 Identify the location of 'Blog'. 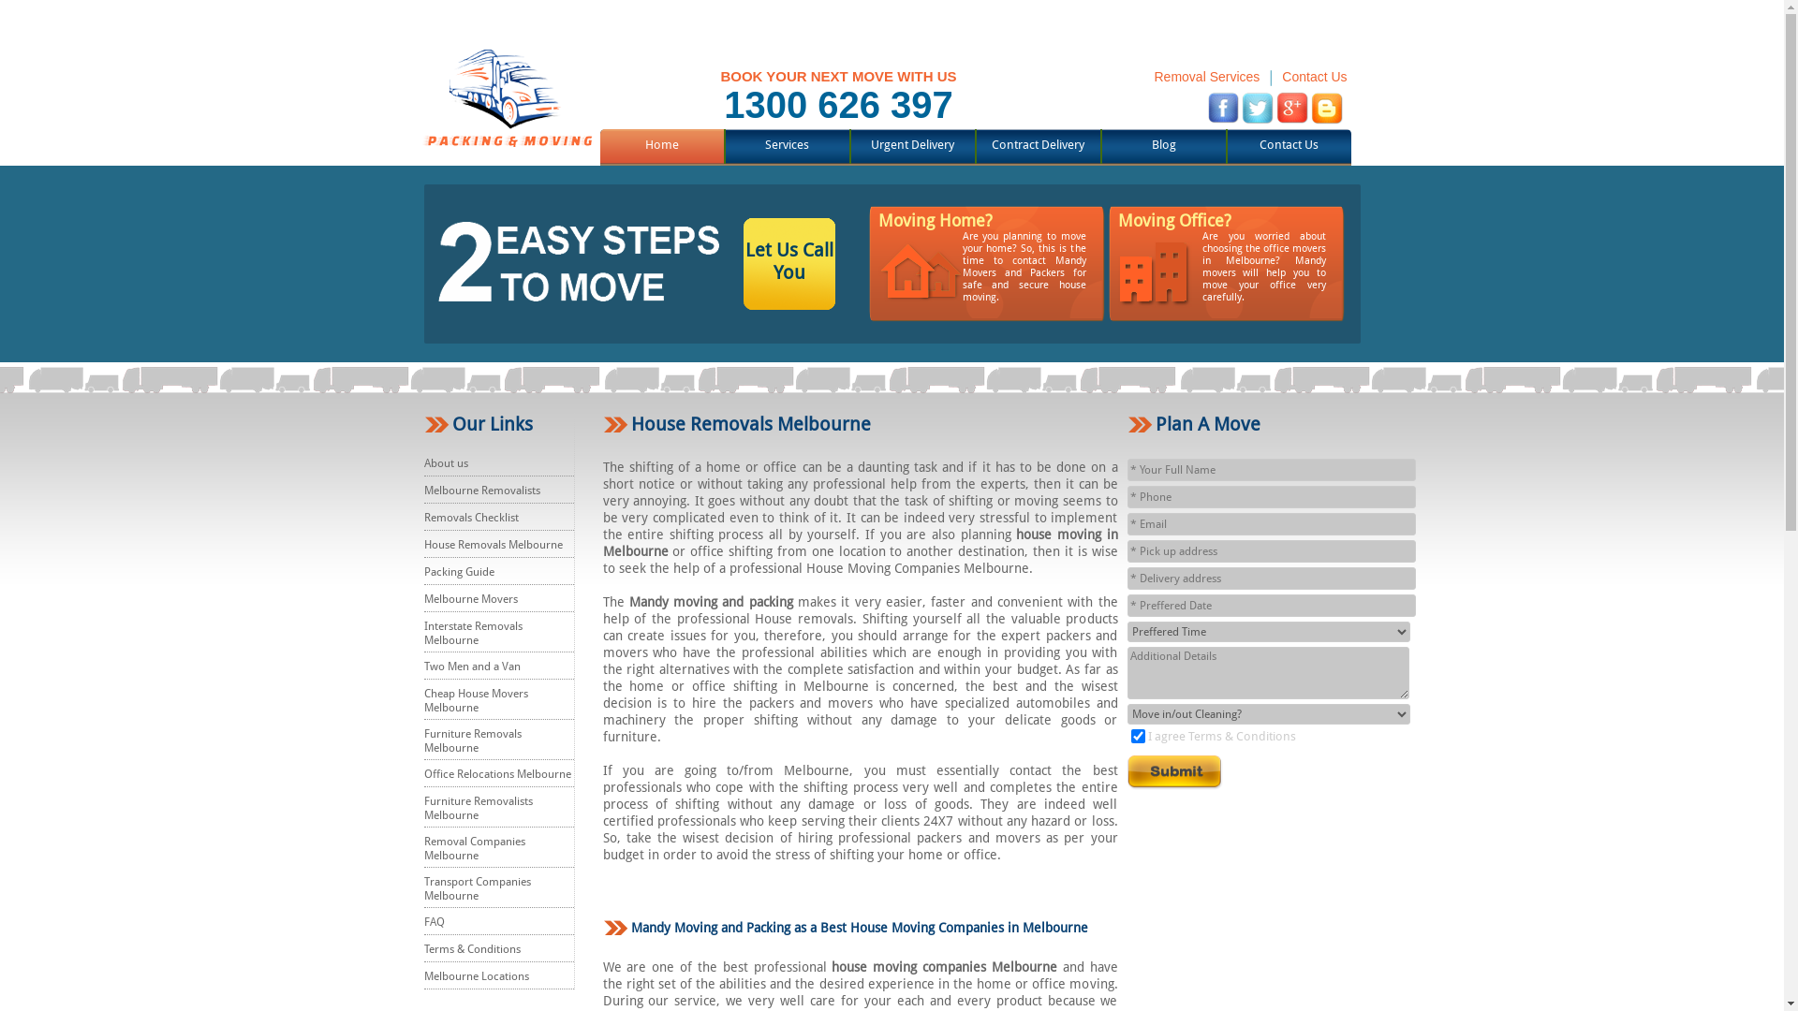
(1163, 143).